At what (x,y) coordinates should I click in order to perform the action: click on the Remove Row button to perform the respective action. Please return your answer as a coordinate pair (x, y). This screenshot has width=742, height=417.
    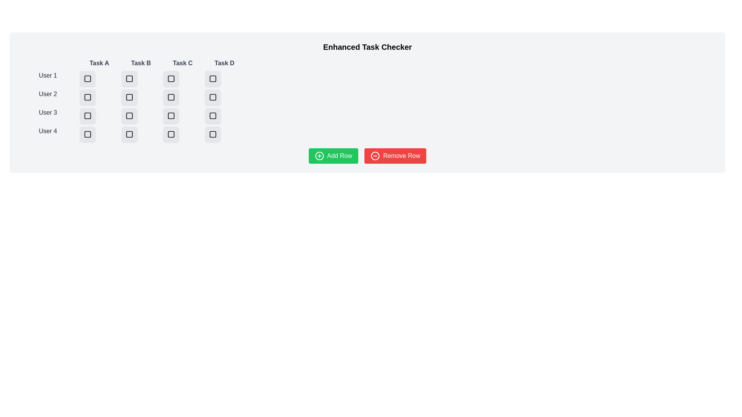
    Looking at the image, I should click on (395, 156).